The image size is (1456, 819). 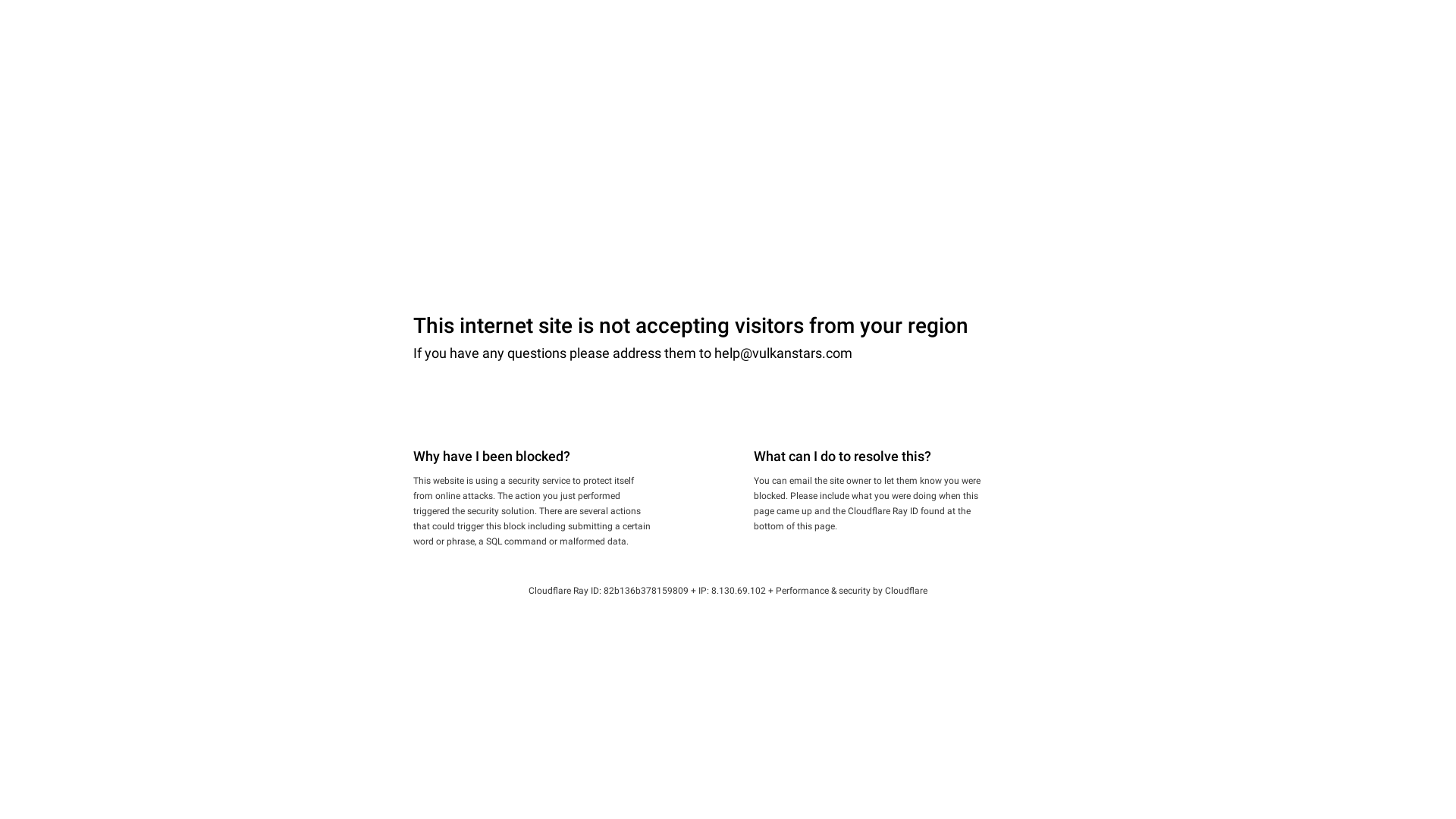 I want to click on 'Cloudflare', so click(x=906, y=590).